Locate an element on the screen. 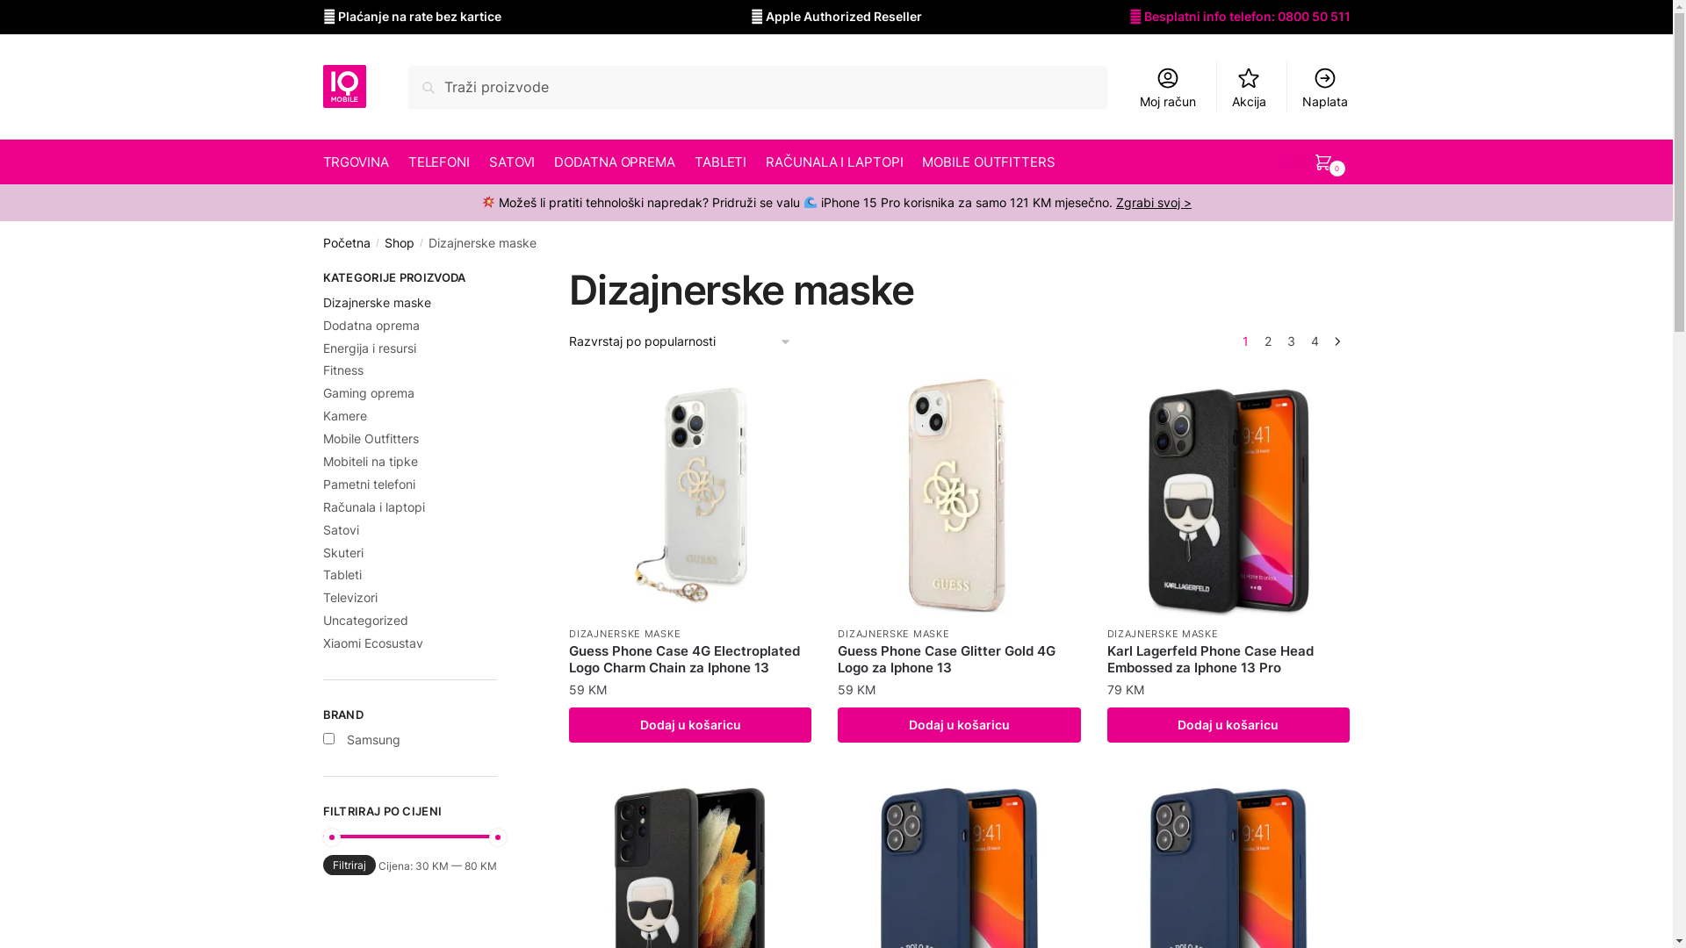 This screenshot has height=948, width=1686. 'Zgrabi svoj >' is located at coordinates (1154, 201).